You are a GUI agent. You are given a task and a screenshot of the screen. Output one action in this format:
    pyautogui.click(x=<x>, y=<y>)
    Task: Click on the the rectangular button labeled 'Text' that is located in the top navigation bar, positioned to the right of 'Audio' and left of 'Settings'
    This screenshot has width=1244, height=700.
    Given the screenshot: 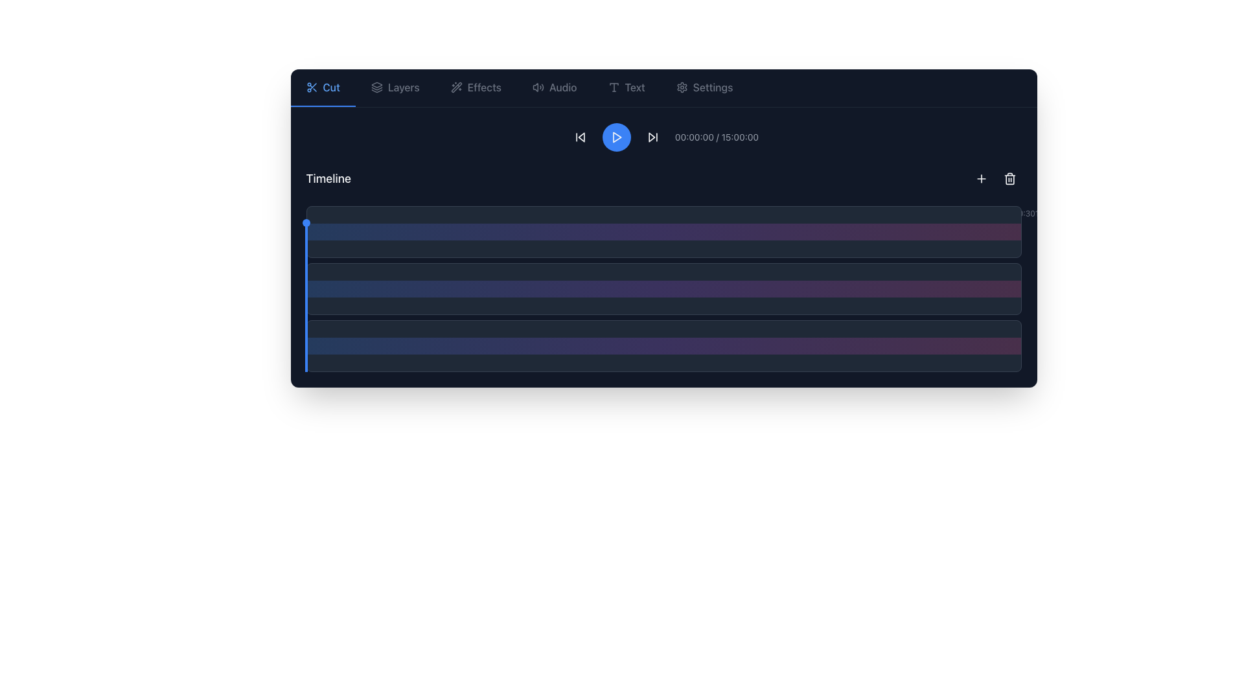 What is the action you would take?
    pyautogui.click(x=626, y=87)
    